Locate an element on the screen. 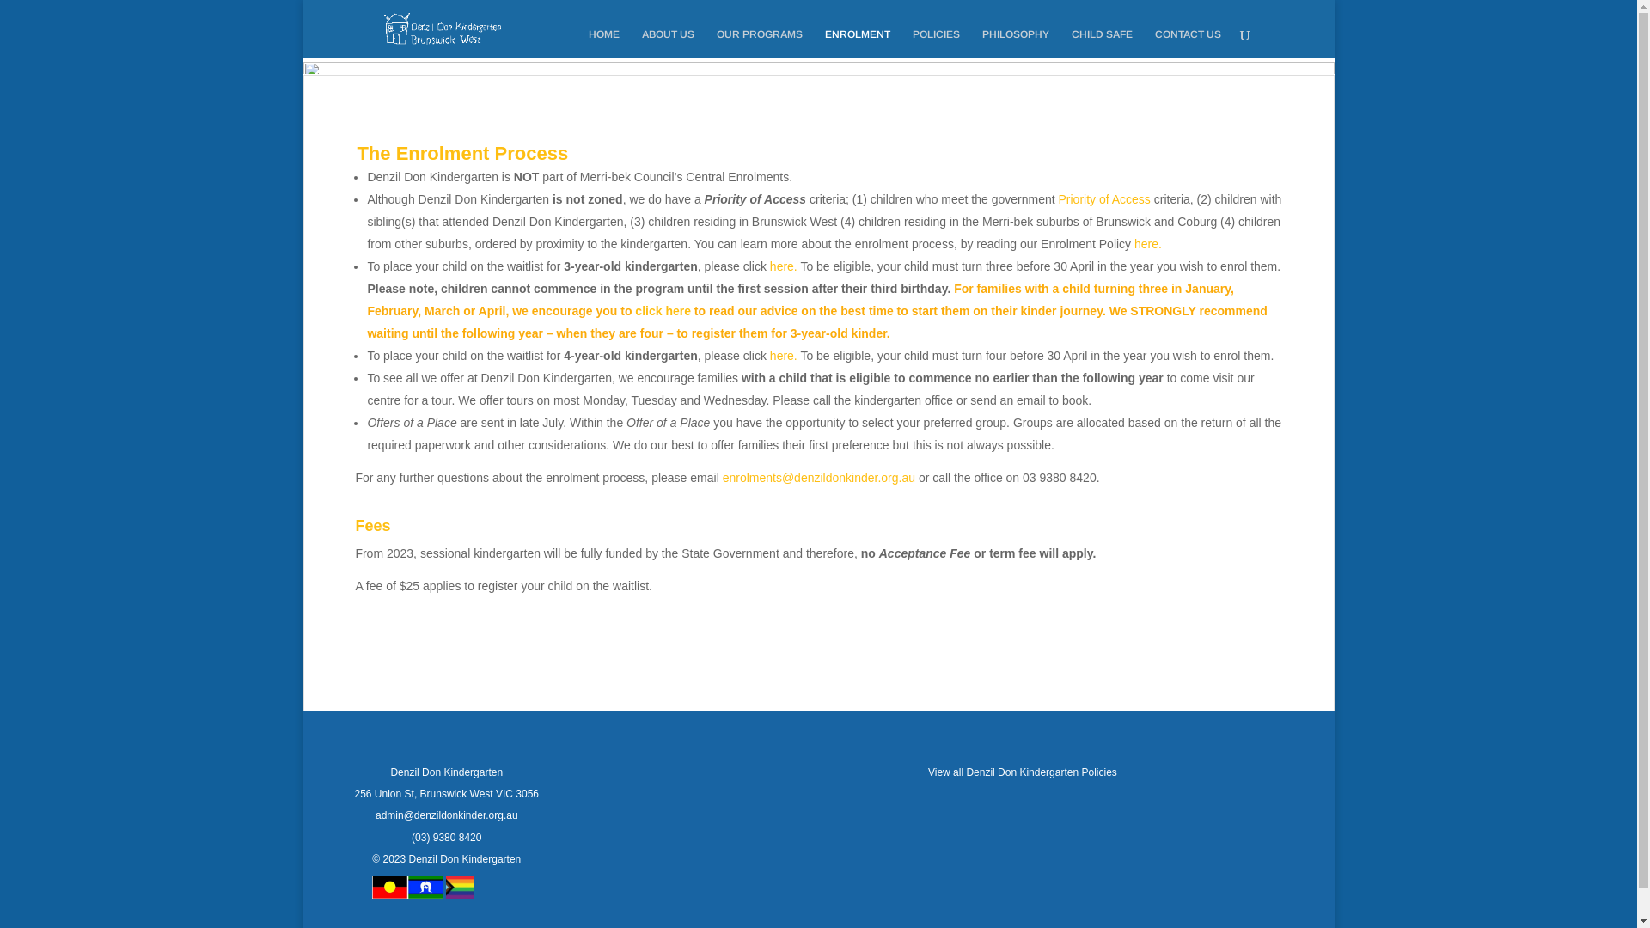  'View all Denzil Don Kindergarten Policies' is located at coordinates (927, 771).